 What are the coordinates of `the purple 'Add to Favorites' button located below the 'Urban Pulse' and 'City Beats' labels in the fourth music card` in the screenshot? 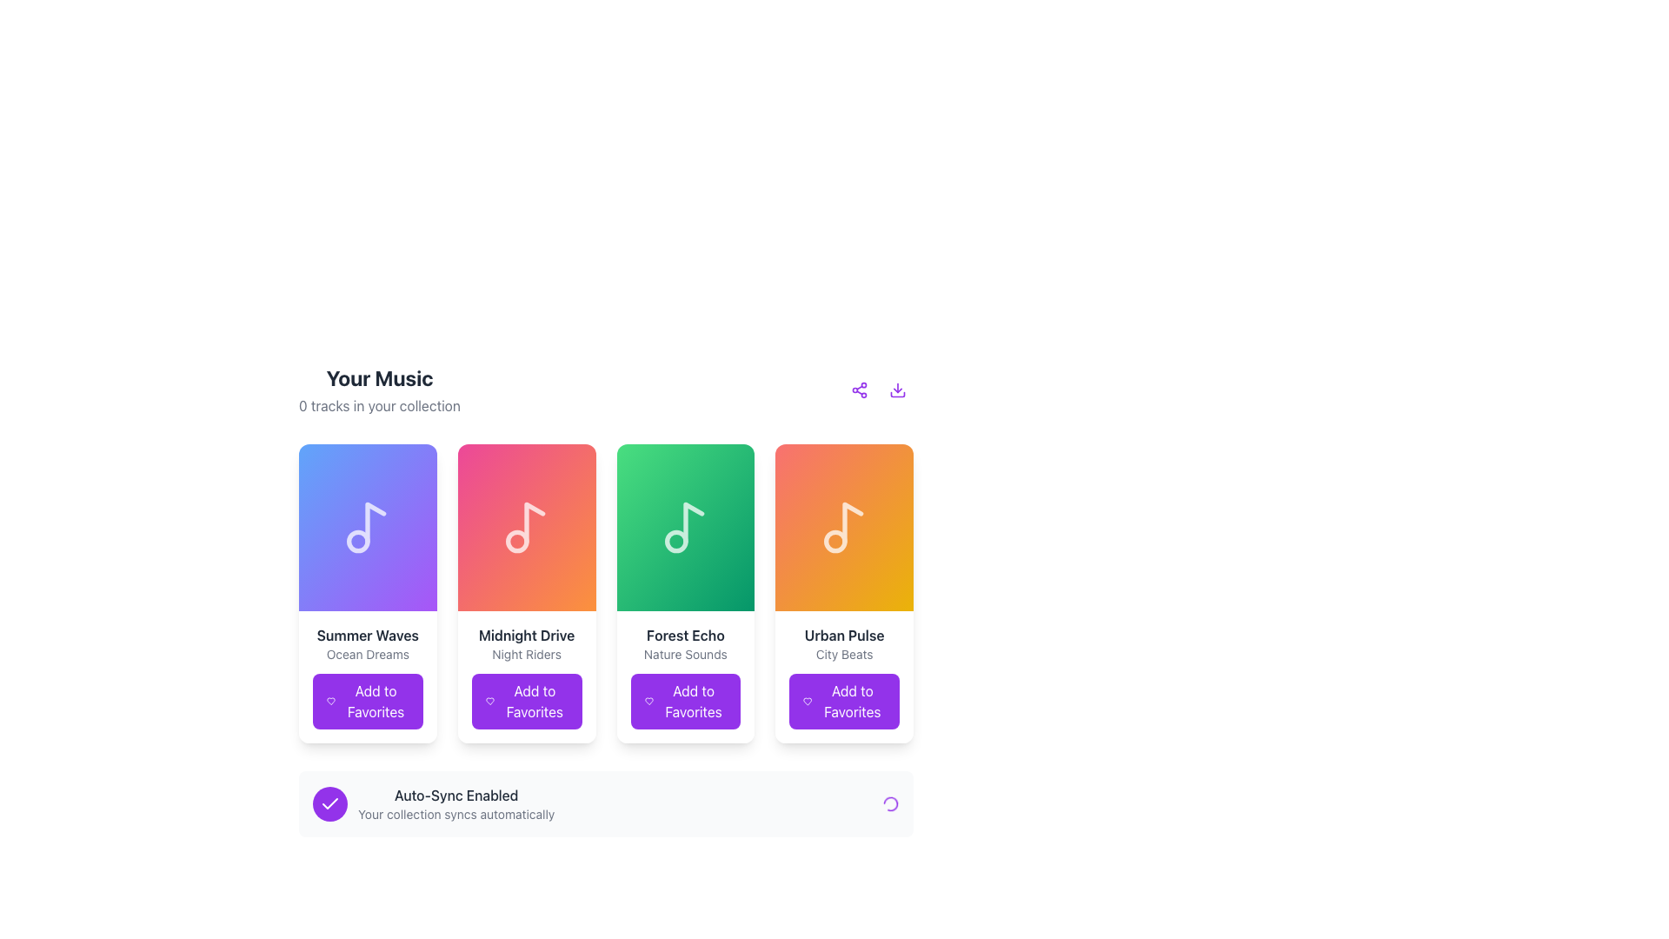 It's located at (844, 676).